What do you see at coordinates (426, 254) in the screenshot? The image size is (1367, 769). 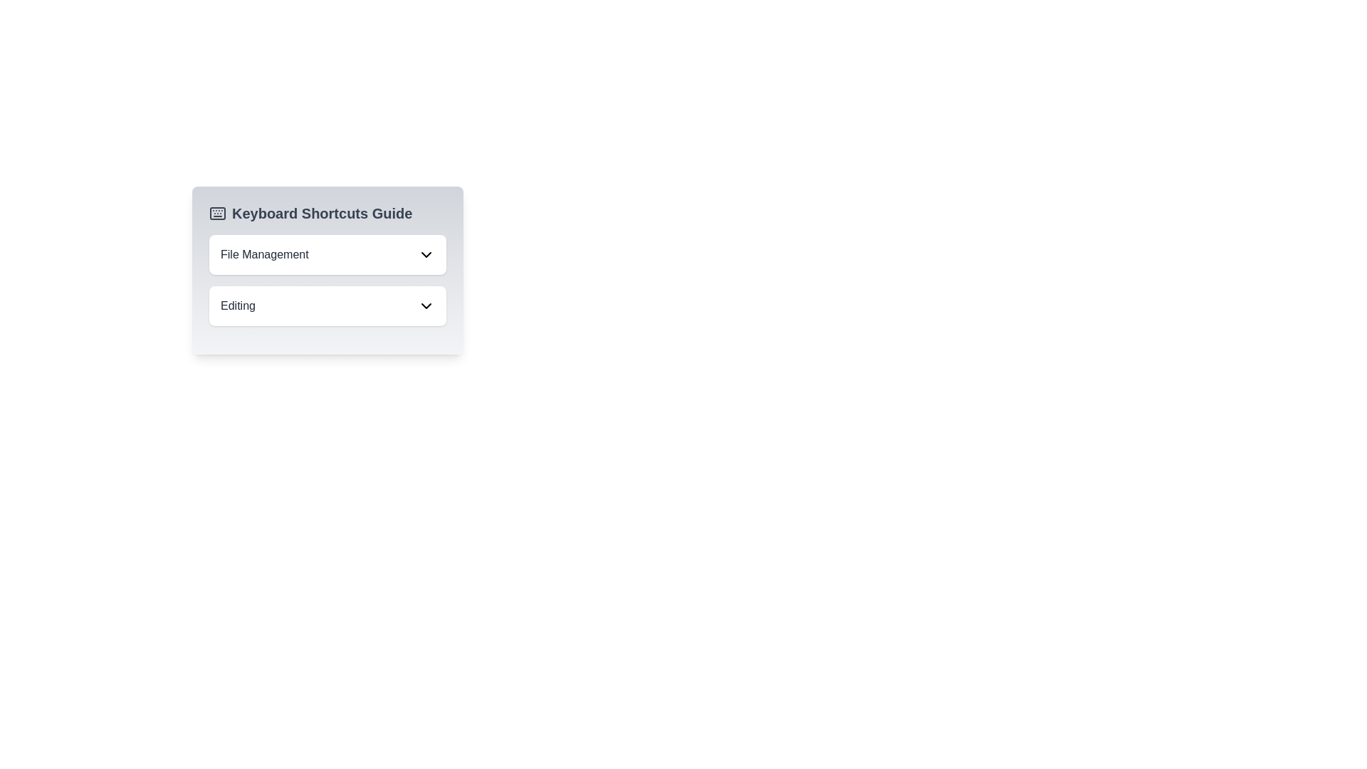 I see `the chevron icon next to the 'File Management' label` at bounding box center [426, 254].